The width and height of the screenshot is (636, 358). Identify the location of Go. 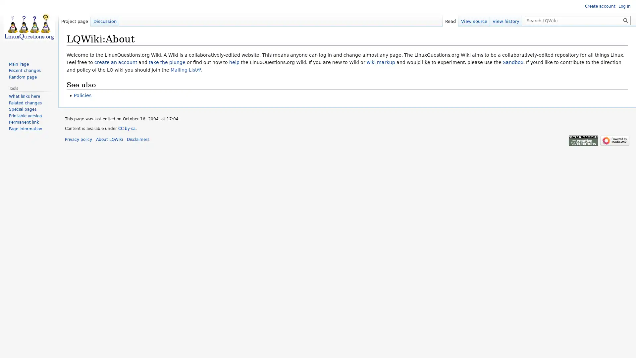
(625, 20).